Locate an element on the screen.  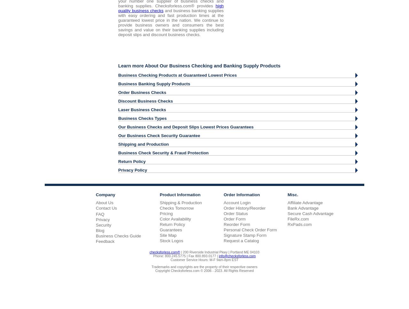
'Company' is located at coordinates (105, 194).